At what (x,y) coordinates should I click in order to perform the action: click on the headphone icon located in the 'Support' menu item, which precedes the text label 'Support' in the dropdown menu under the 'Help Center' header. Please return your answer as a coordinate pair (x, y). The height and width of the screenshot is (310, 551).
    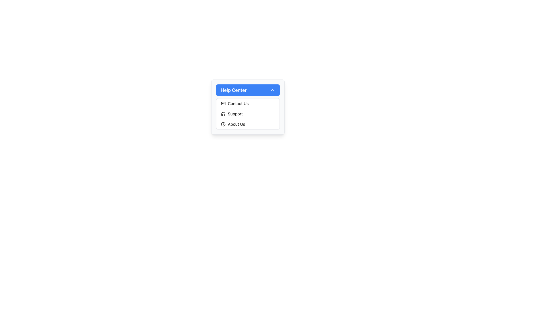
    Looking at the image, I should click on (223, 114).